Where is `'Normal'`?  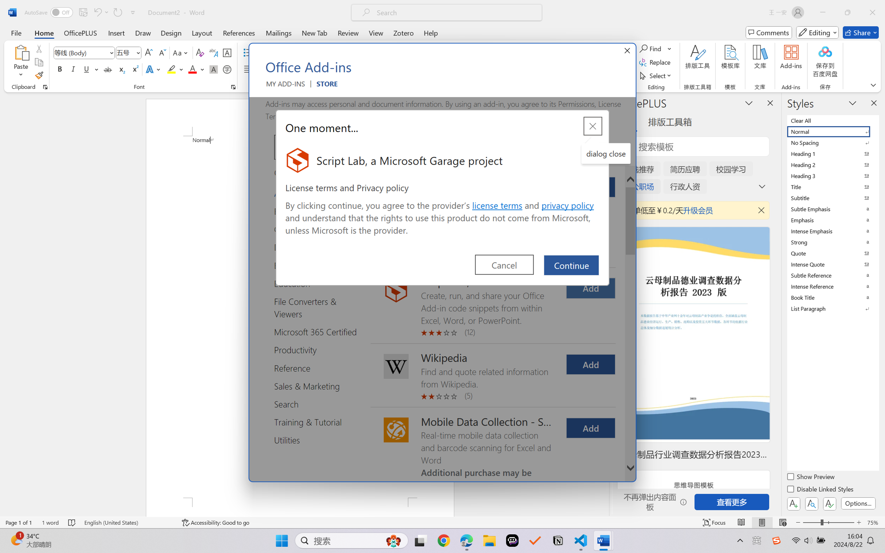 'Normal' is located at coordinates (832, 131).